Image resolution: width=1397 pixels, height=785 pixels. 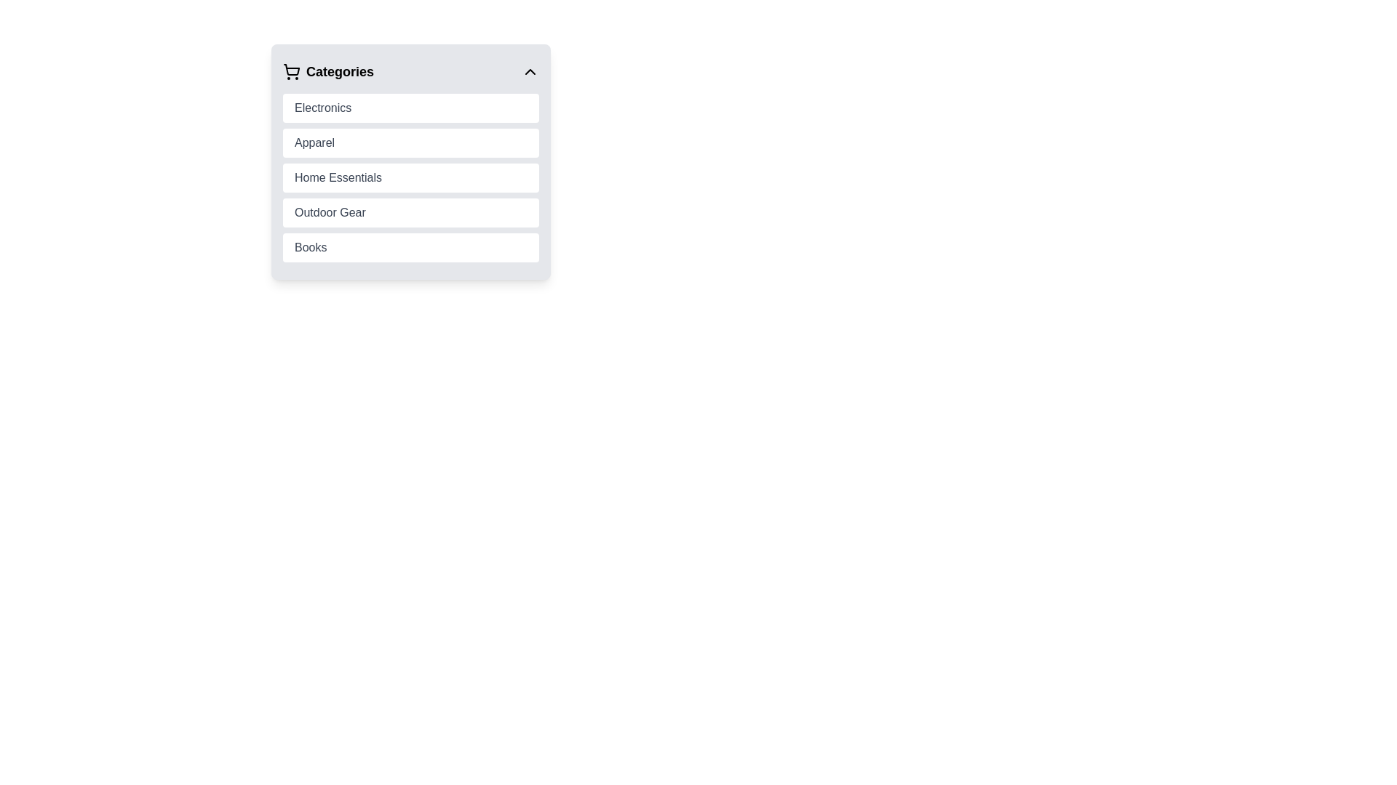 I want to click on the shopping cart icon located to the left of the 'Categories' text in the header of the vertical list, so click(x=291, y=72).